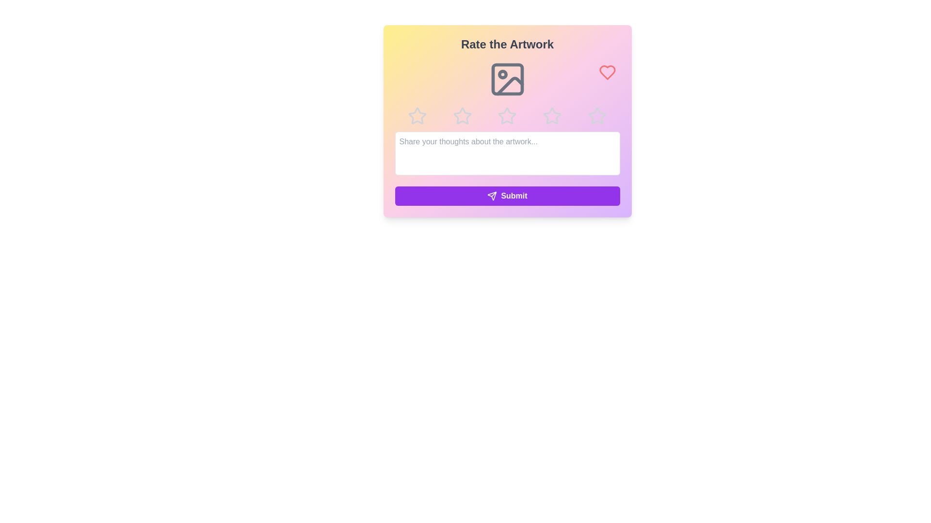  Describe the element at coordinates (507, 153) in the screenshot. I see `the text area and type the feedback text` at that location.